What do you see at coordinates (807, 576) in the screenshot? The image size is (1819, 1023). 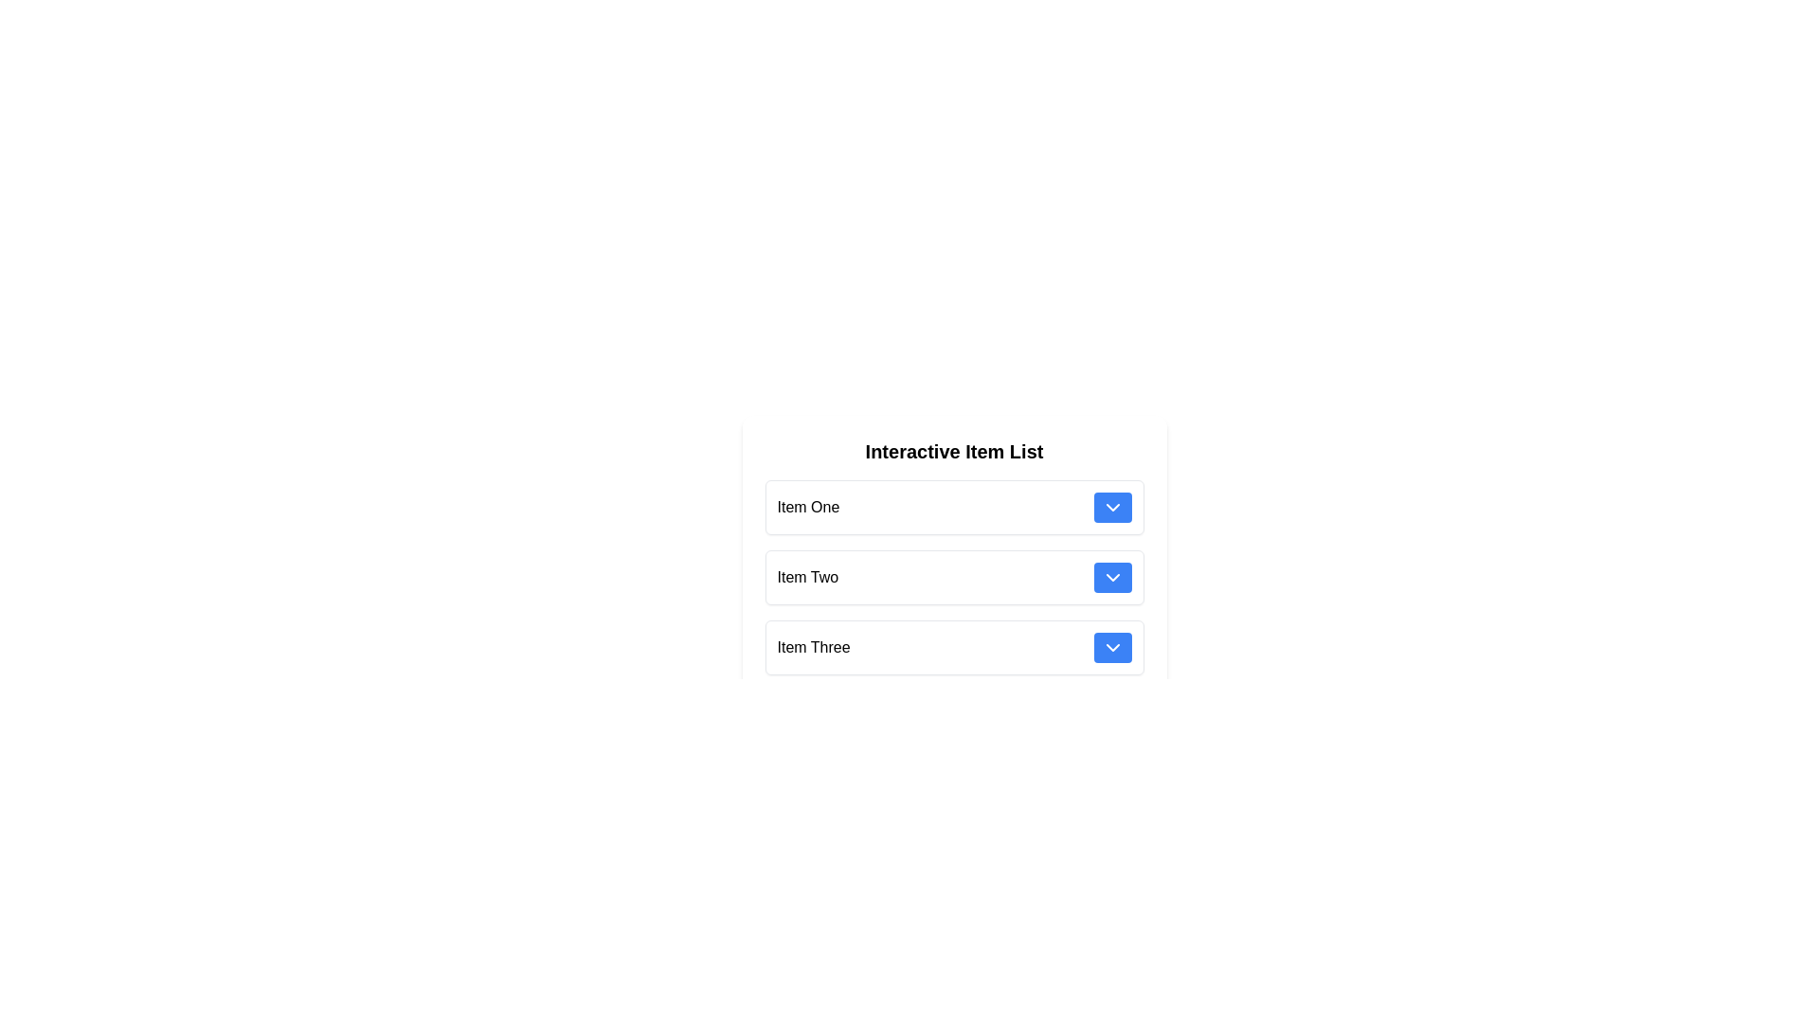 I see `the Text label that describes the second item` at bounding box center [807, 576].